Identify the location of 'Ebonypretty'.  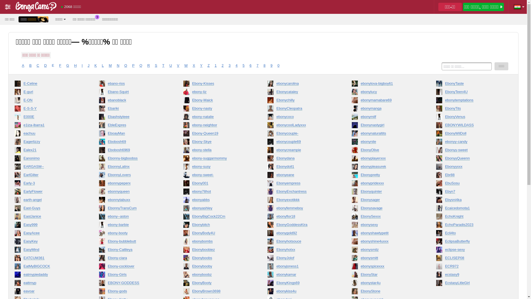
(386, 176).